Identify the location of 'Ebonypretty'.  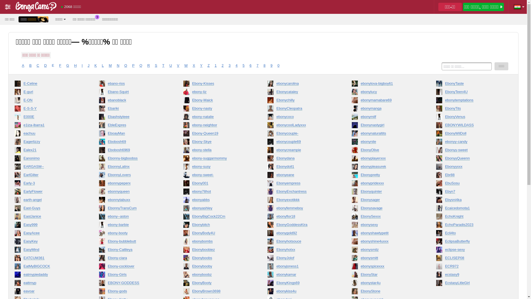
(386, 176).